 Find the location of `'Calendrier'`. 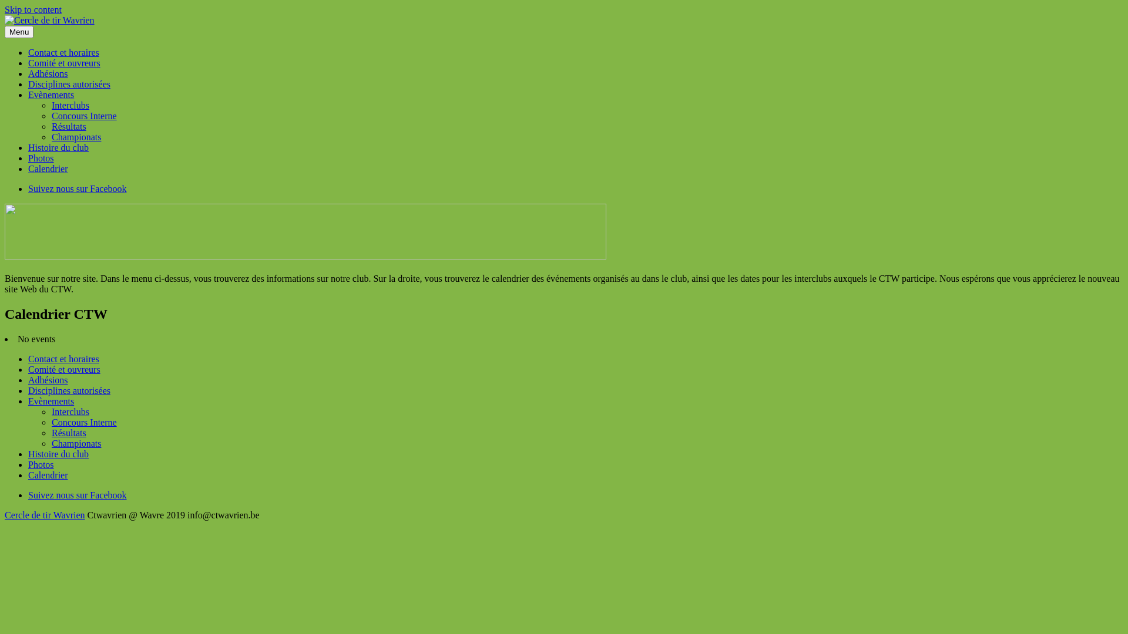

'Calendrier' is located at coordinates (47, 474).